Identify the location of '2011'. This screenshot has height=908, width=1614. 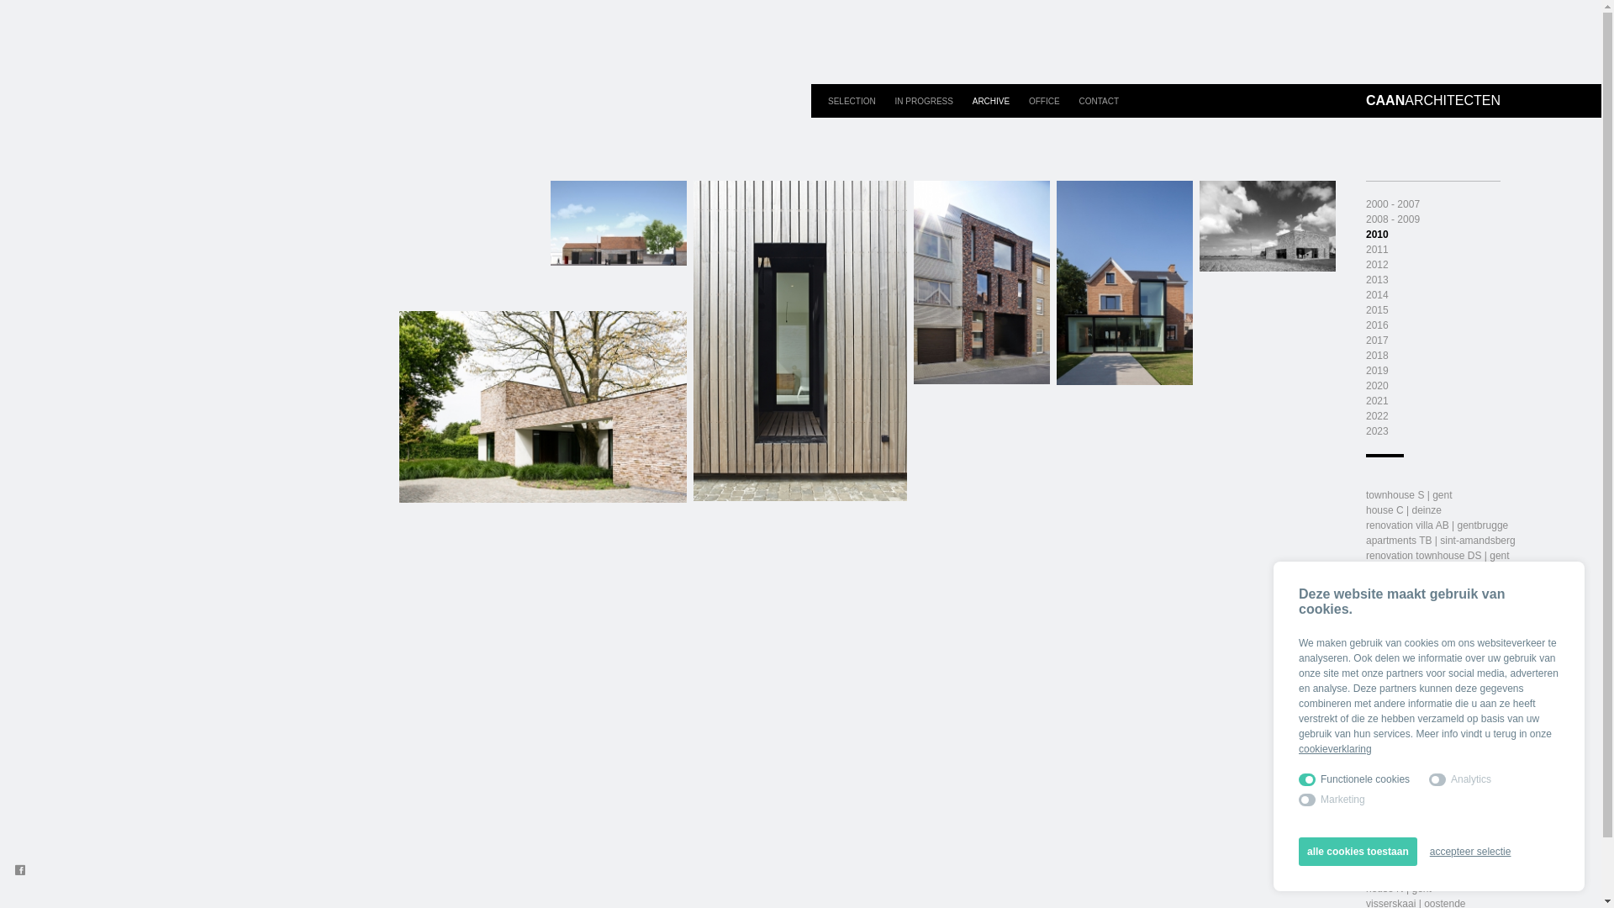
(1377, 250).